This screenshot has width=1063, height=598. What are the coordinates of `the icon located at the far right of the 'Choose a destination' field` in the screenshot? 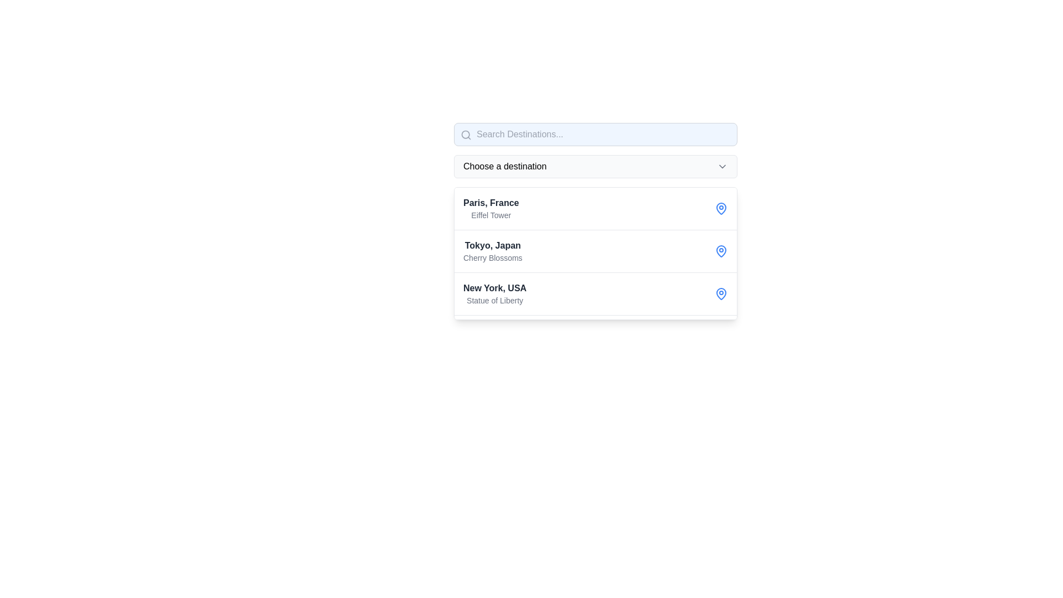 It's located at (723, 166).